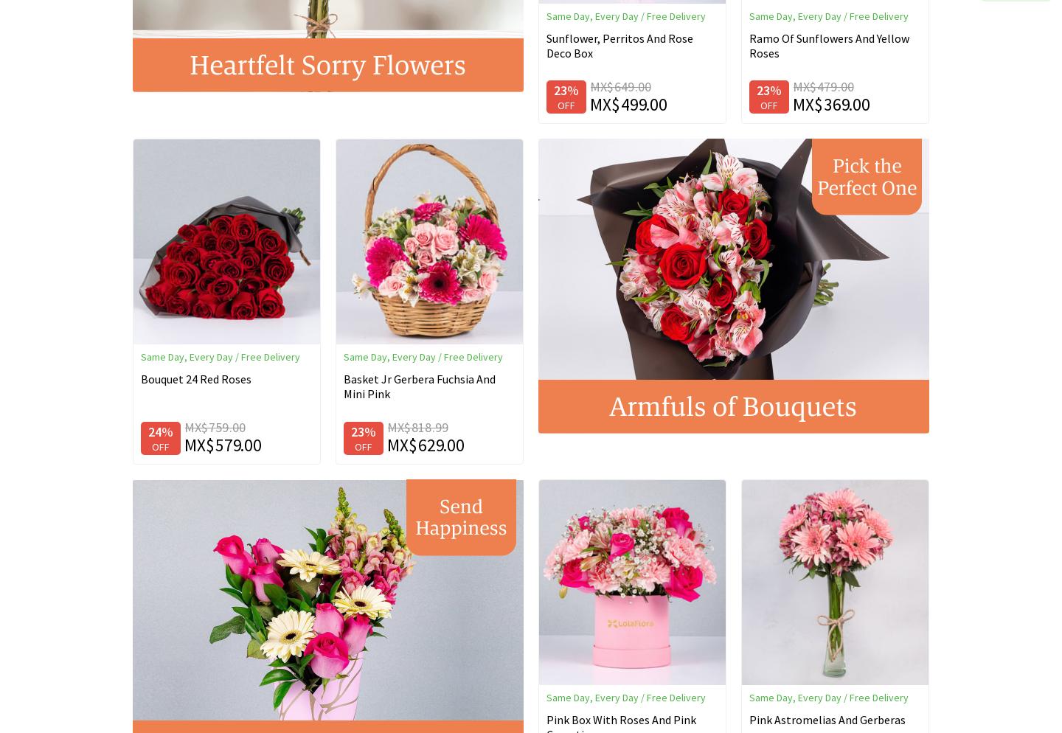  Describe the element at coordinates (827, 719) in the screenshot. I see `'Pink Astromelias And Gerberas'` at that location.